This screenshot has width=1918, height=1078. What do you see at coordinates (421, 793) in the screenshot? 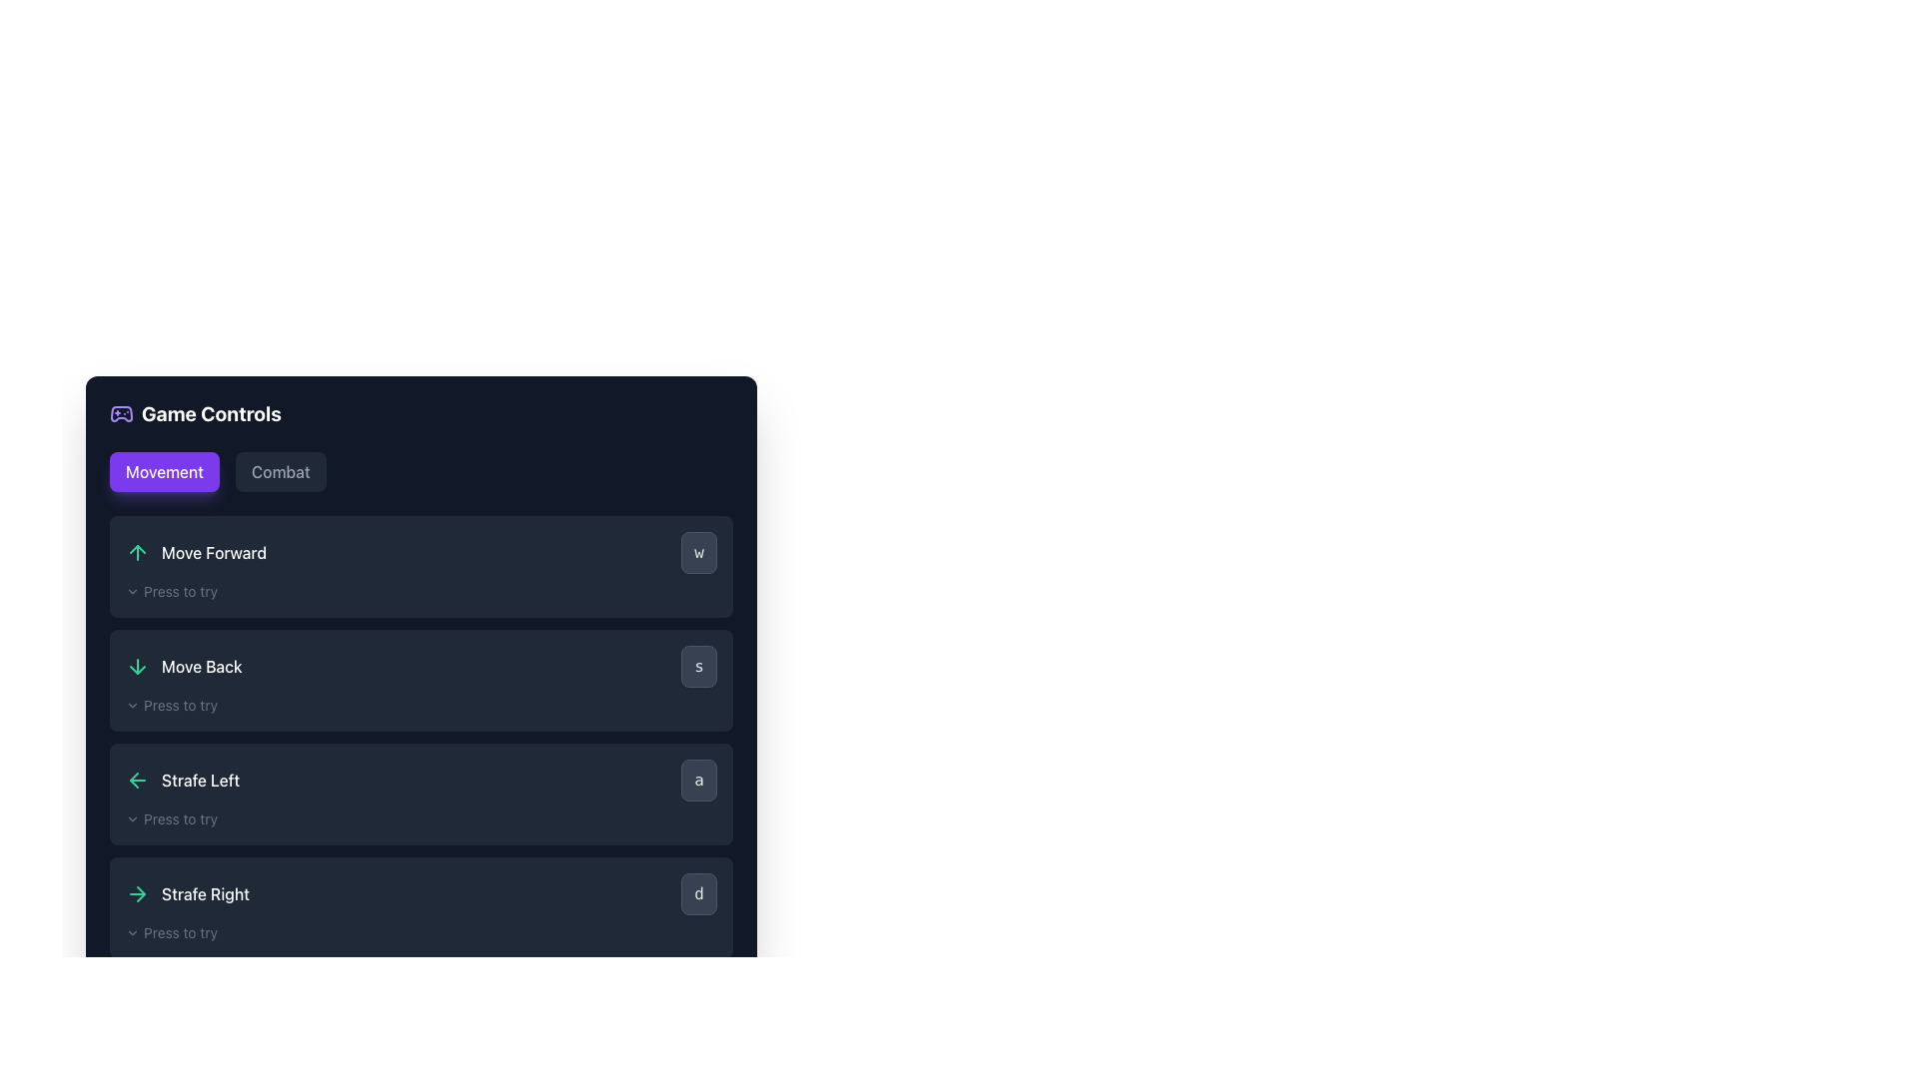
I see `the informational card for 'Strafe Left' which clarifies the action and keybinding 'a', located in the 'Movement' section of the 'Game Controls'` at bounding box center [421, 793].